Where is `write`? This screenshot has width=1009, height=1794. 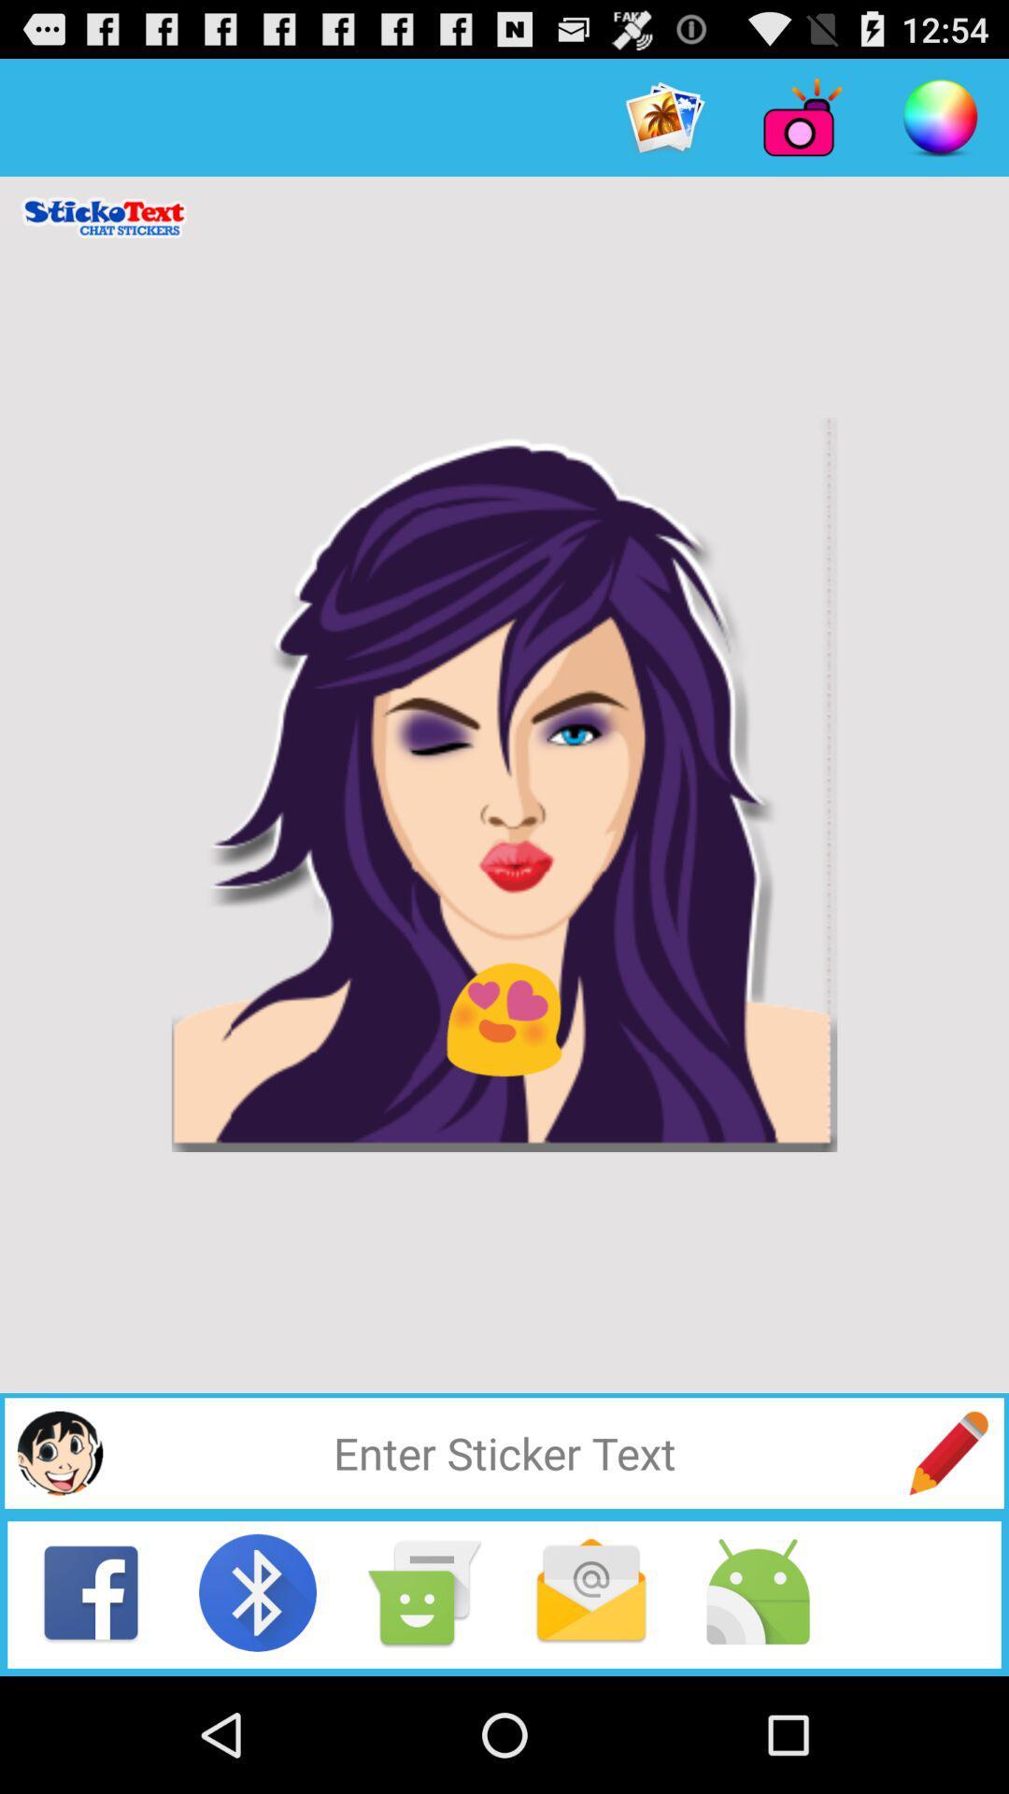
write is located at coordinates (948, 1452).